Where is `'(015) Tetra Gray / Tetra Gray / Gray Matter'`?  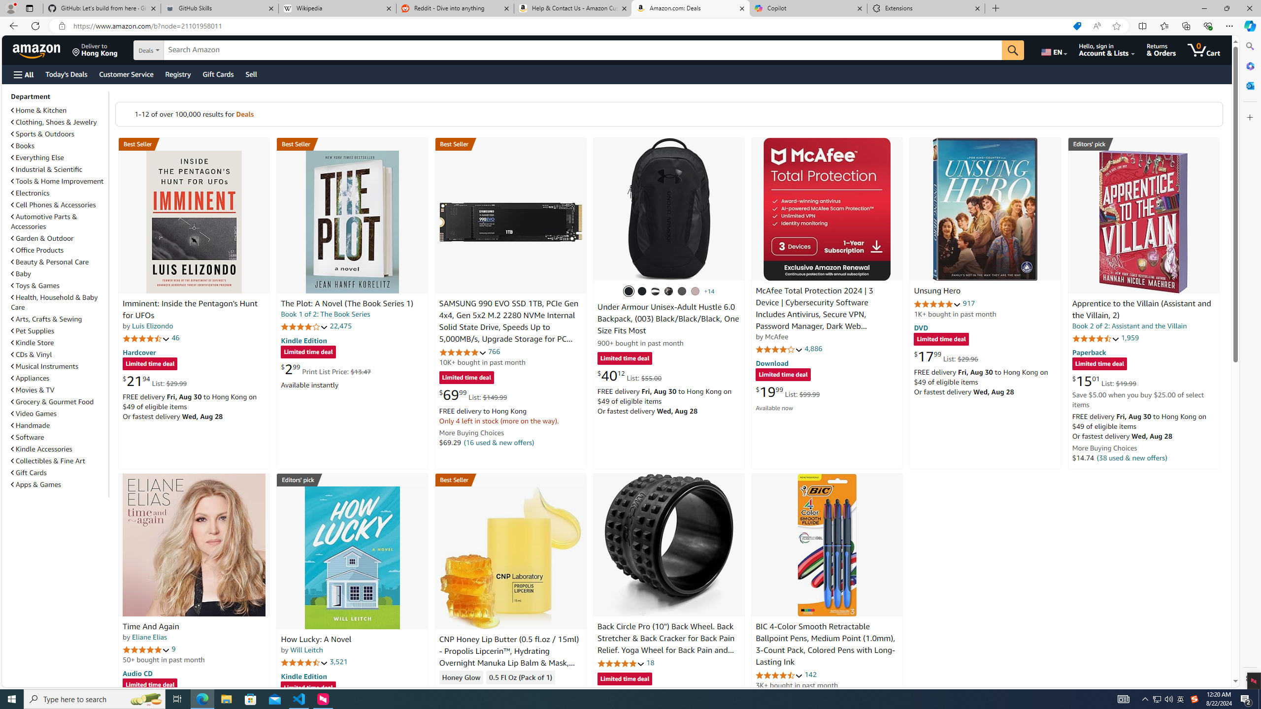 '(015) Tetra Gray / Tetra Gray / Gray Matter' is located at coordinates (695, 290).